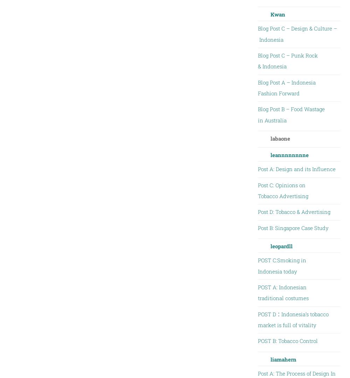 The height and width of the screenshot is (378, 350). I want to click on 'Kwan', so click(278, 14).